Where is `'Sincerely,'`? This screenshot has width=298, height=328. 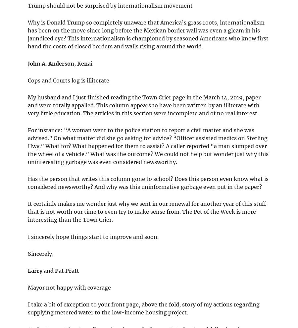
'Sincerely,' is located at coordinates (41, 253).